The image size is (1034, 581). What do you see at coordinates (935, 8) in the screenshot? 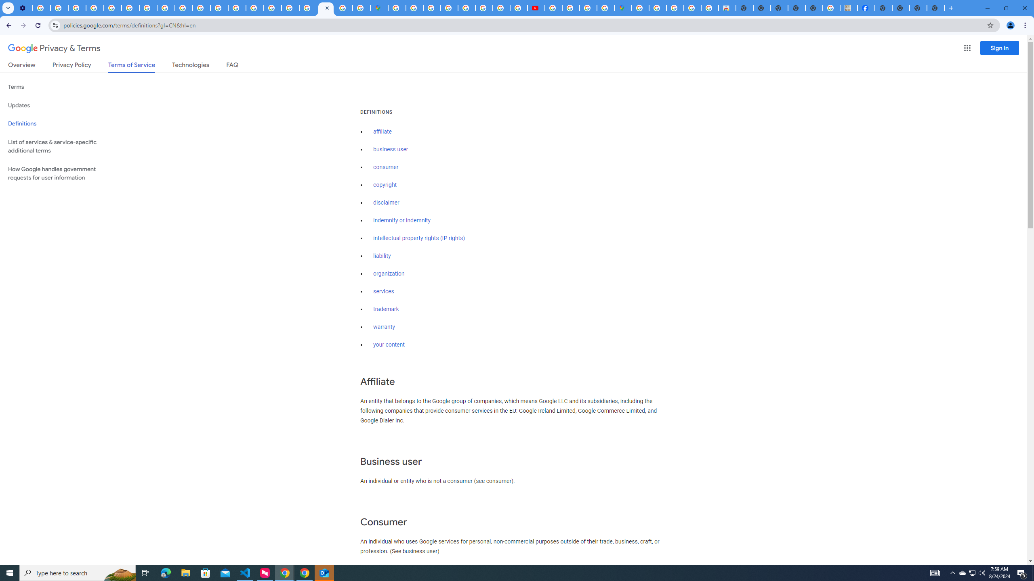
I see `'New Tab'` at bounding box center [935, 8].